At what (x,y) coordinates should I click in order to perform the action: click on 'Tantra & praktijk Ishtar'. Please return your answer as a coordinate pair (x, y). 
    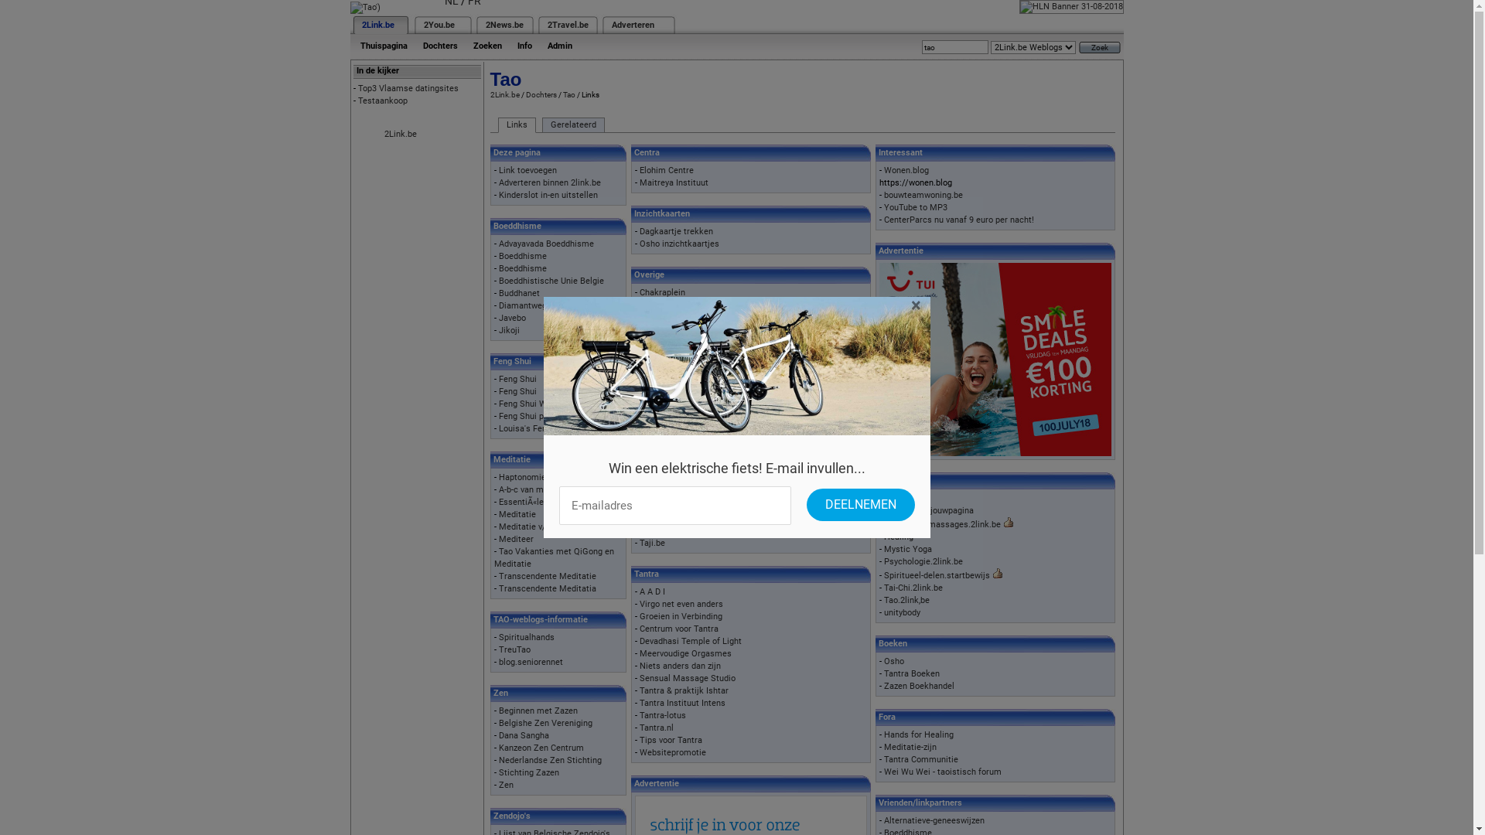
    Looking at the image, I should click on (682, 690).